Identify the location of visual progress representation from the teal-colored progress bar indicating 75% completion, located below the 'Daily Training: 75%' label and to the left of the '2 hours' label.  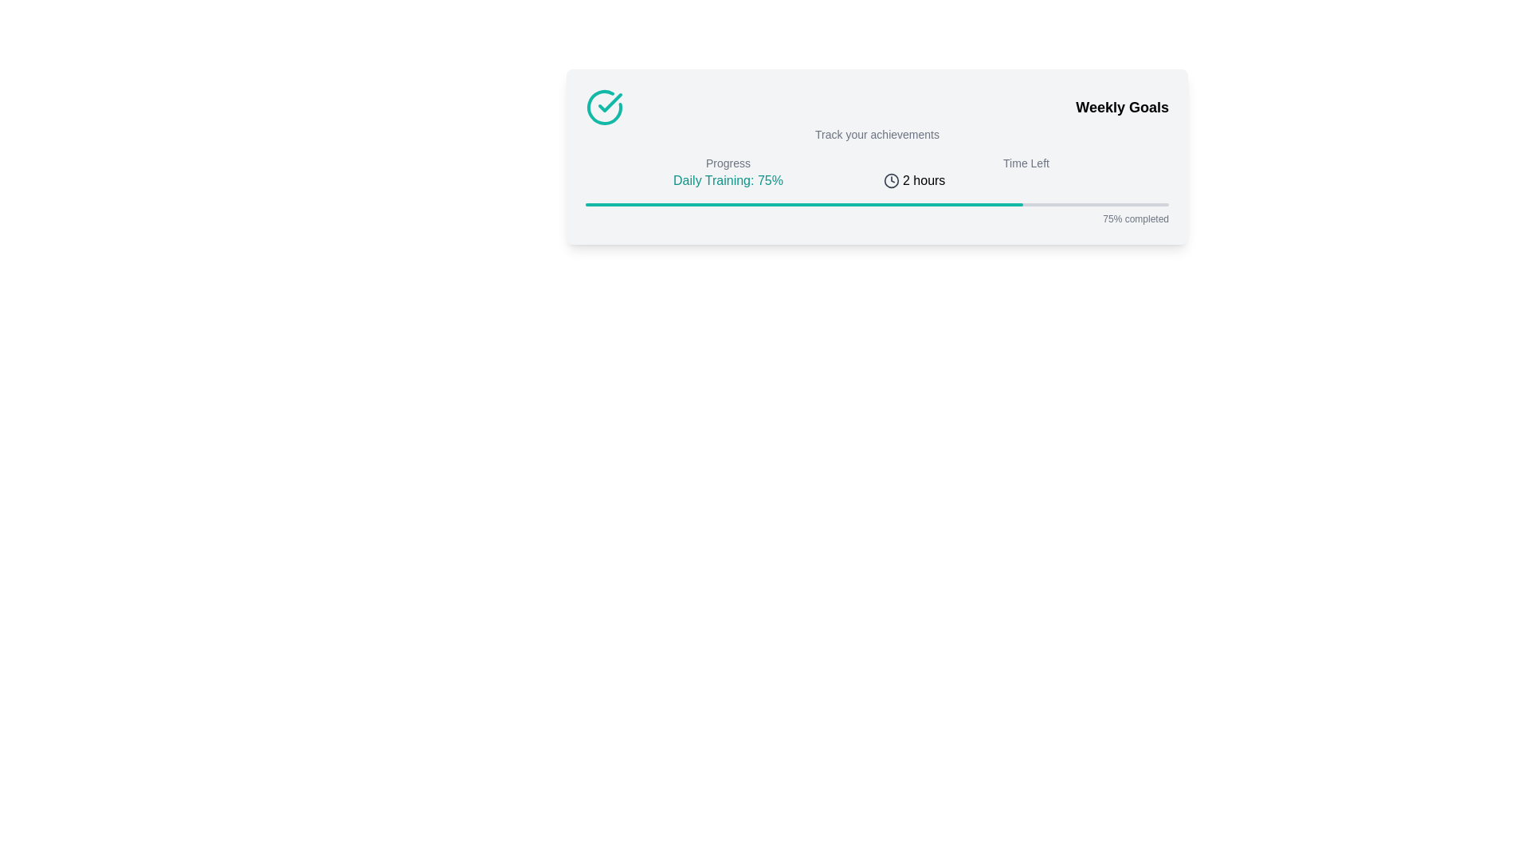
(876, 204).